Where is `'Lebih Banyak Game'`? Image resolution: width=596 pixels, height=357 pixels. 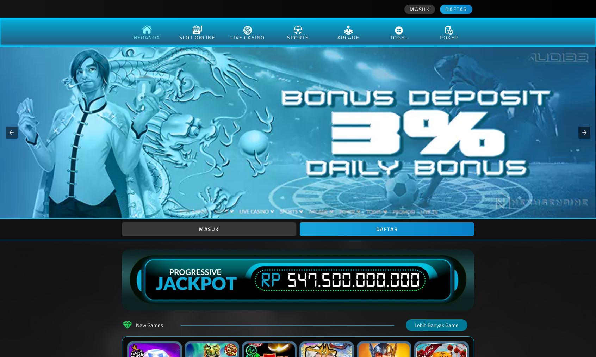 'Lebih Banyak Game' is located at coordinates (436, 325).